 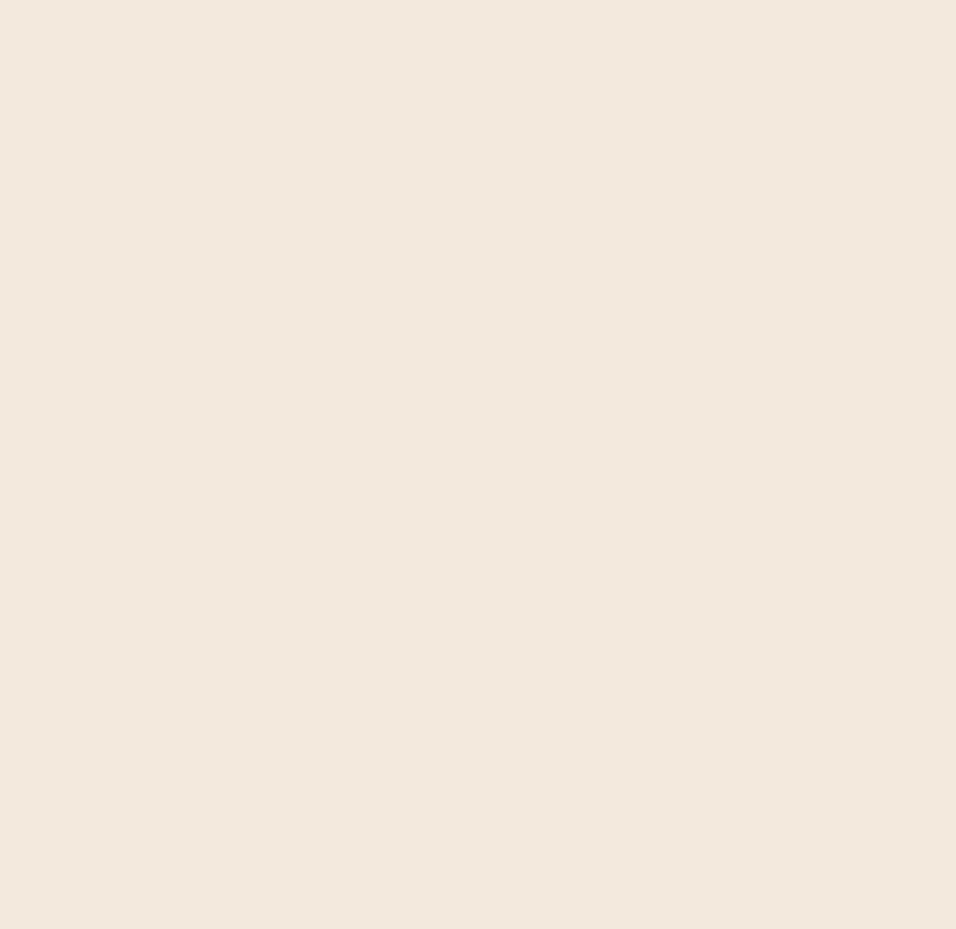 I want to click on 'The Tezos ecosystem continues to grow, scaling to meet demand: from Tezos protocol upgrades featuring transactional rollups, to a commitment to developer tooling and onboarding.', so click(x=686, y=352).